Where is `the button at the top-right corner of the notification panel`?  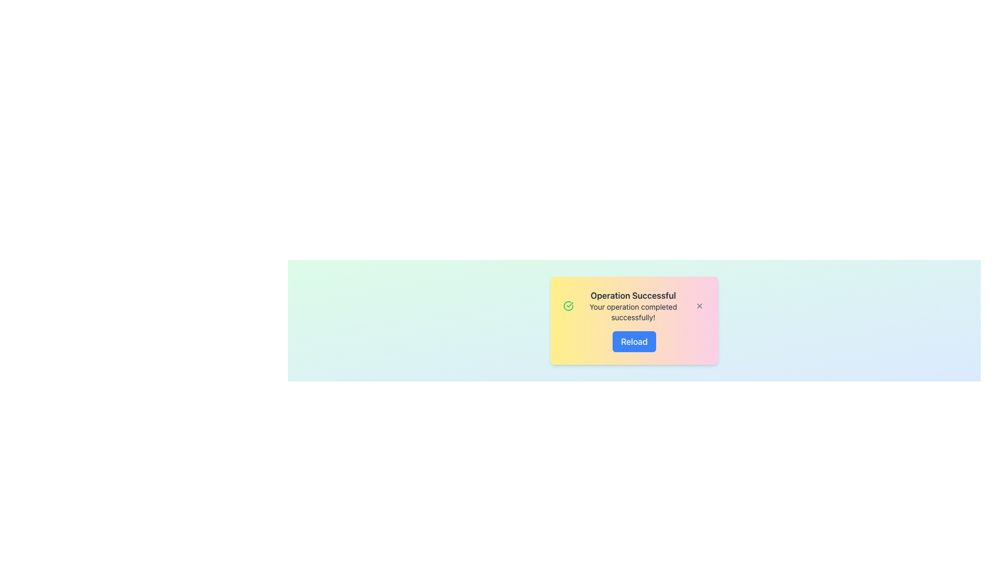
the button at the top-right corner of the notification panel is located at coordinates (699, 306).